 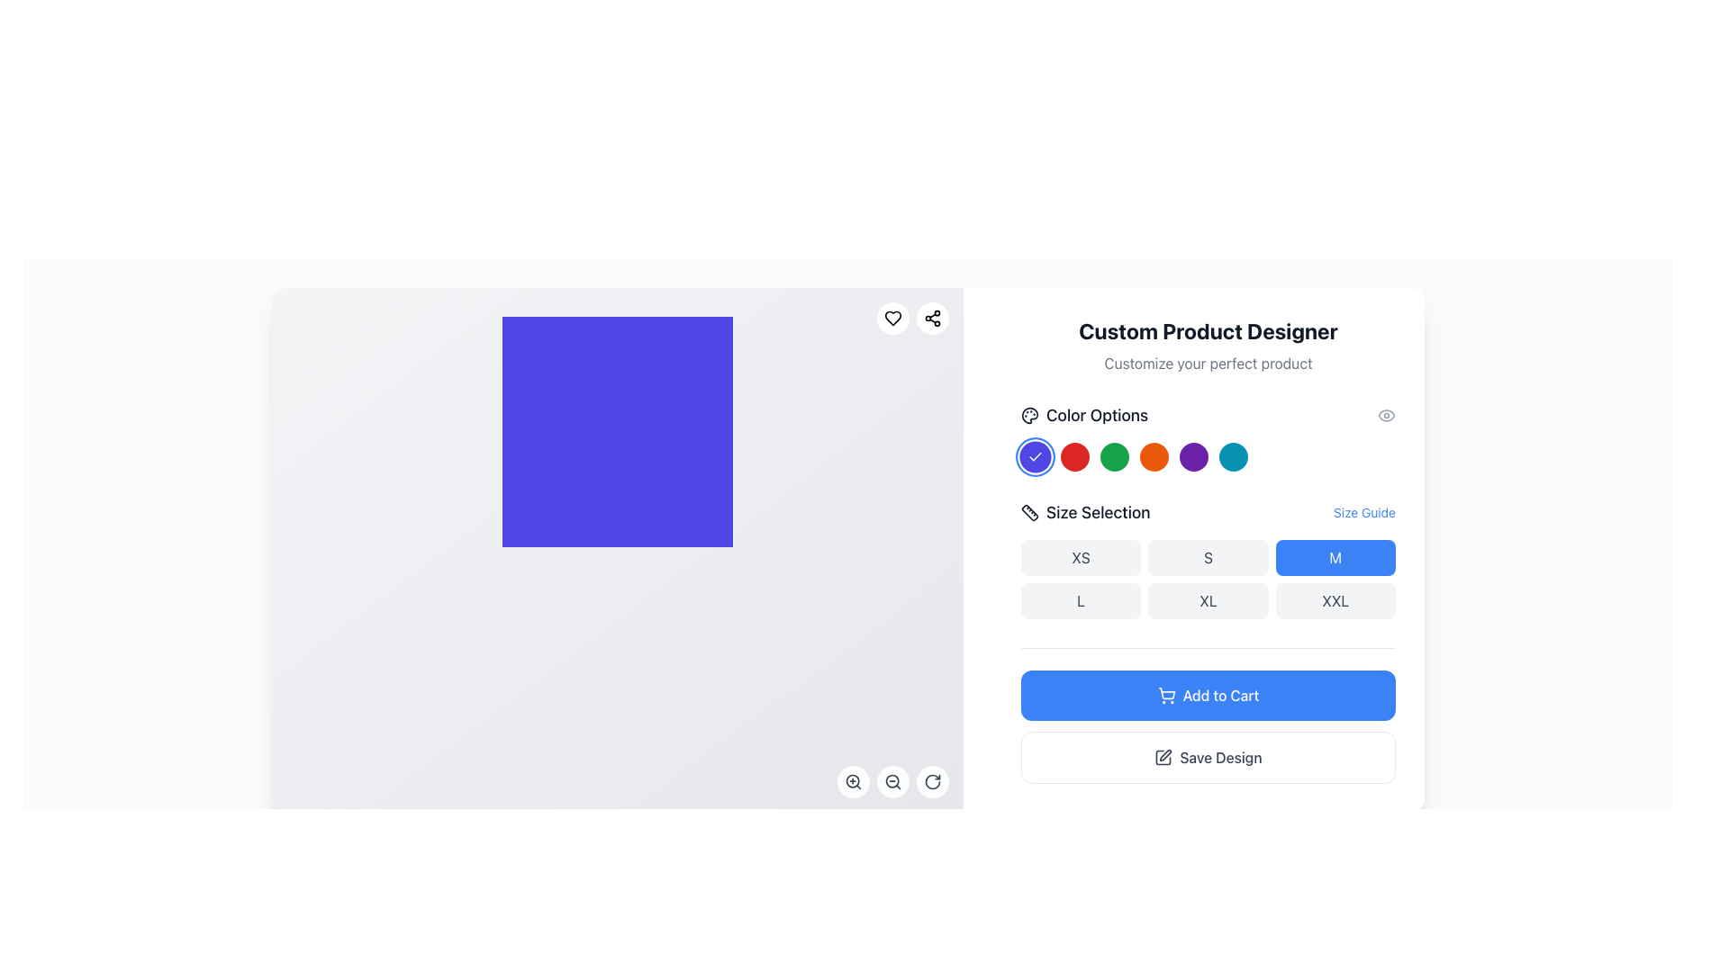 What do you see at coordinates (1084, 513) in the screenshot?
I see `the heading element that labels the size selection area, positioned to the left of the 'Size Guide' link and above the size buttons` at bounding box center [1084, 513].